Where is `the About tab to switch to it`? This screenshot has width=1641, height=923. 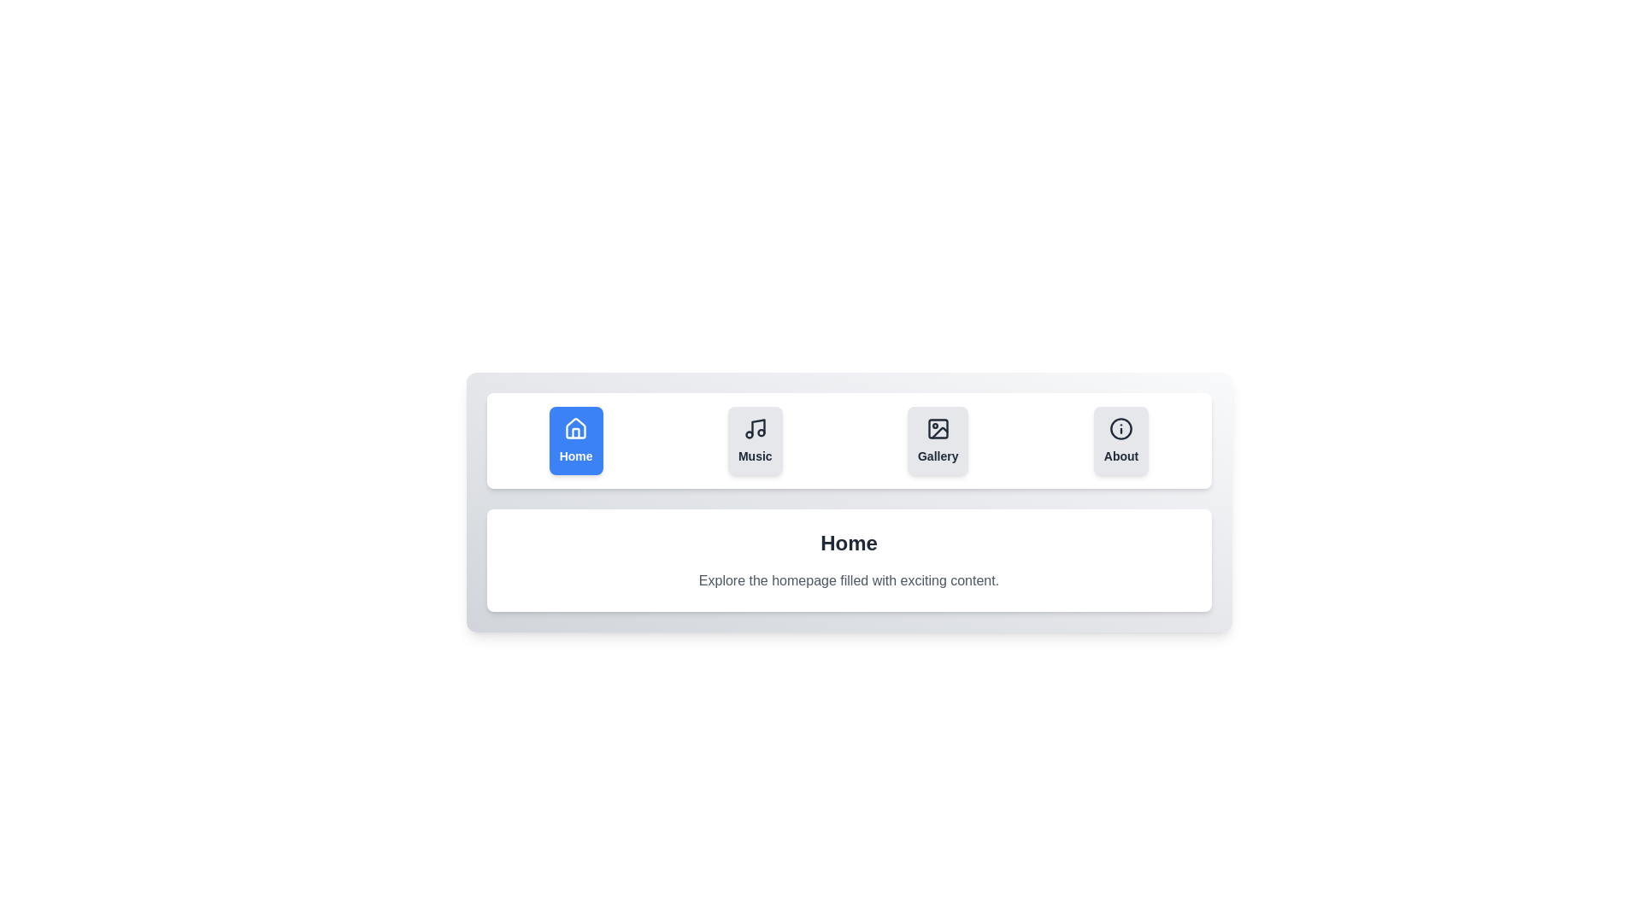 the About tab to switch to it is located at coordinates (1121, 440).